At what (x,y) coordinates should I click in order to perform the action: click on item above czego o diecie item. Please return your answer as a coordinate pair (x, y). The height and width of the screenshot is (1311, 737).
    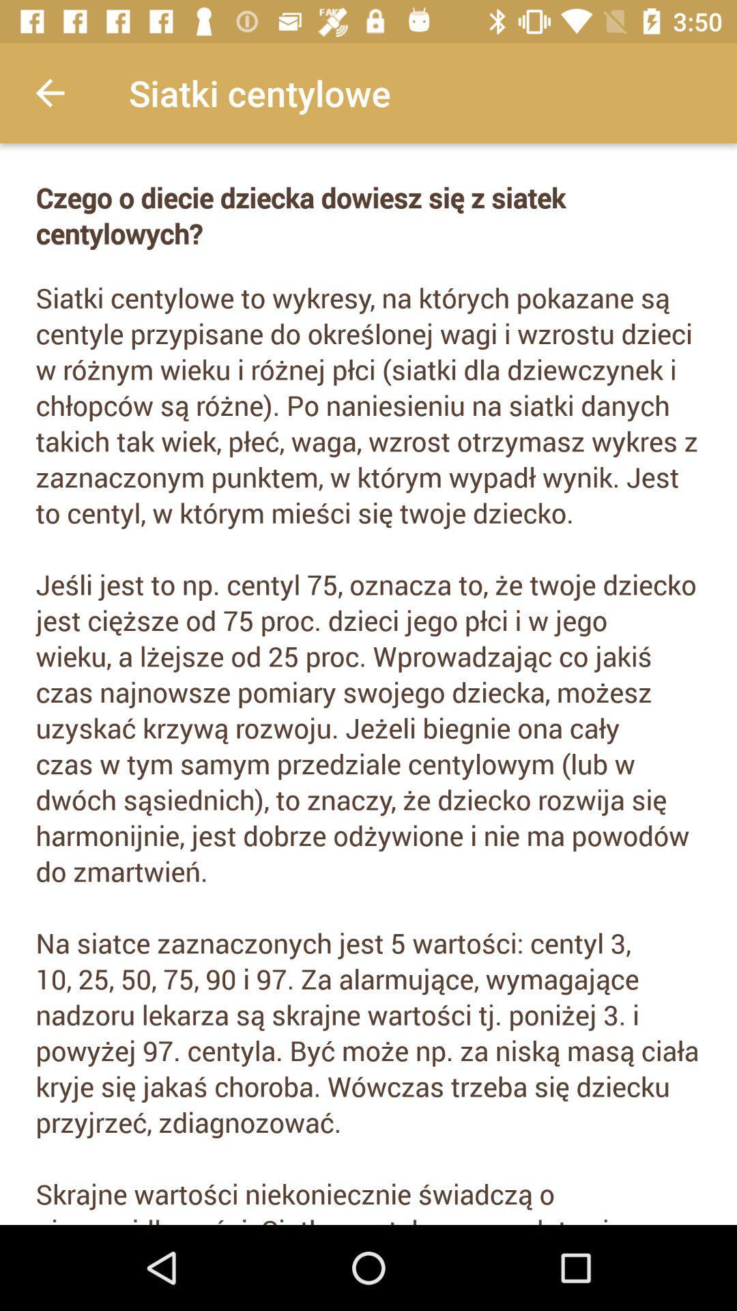
    Looking at the image, I should click on (49, 92).